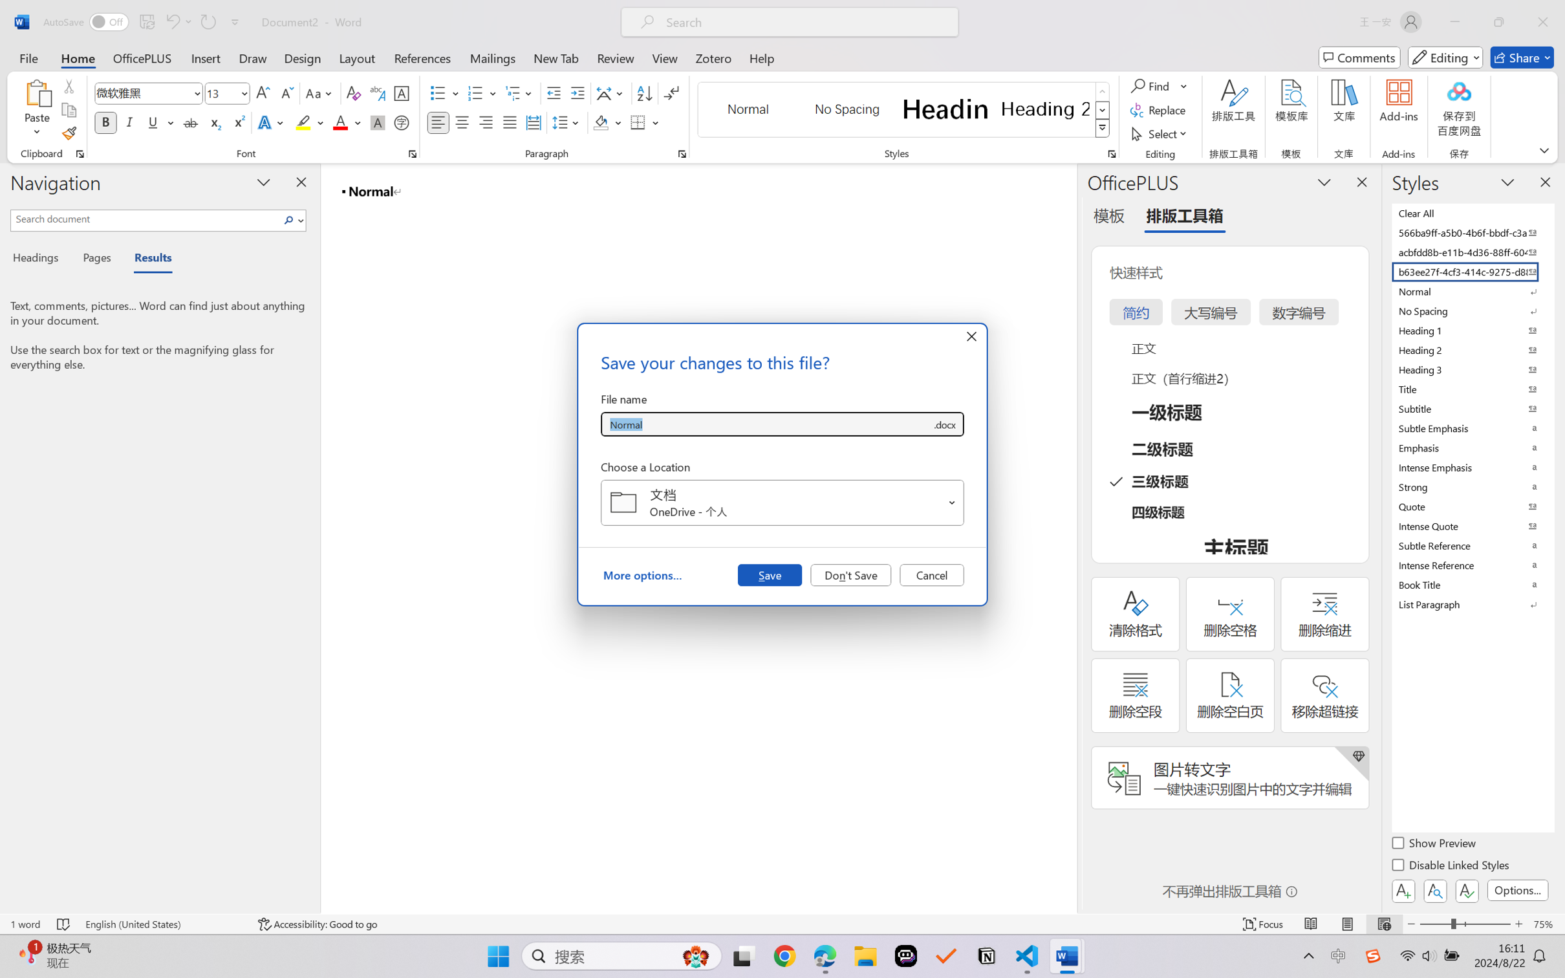 The width and height of the screenshot is (1565, 978). What do you see at coordinates (213, 122) in the screenshot?
I see `'Subscript'` at bounding box center [213, 122].